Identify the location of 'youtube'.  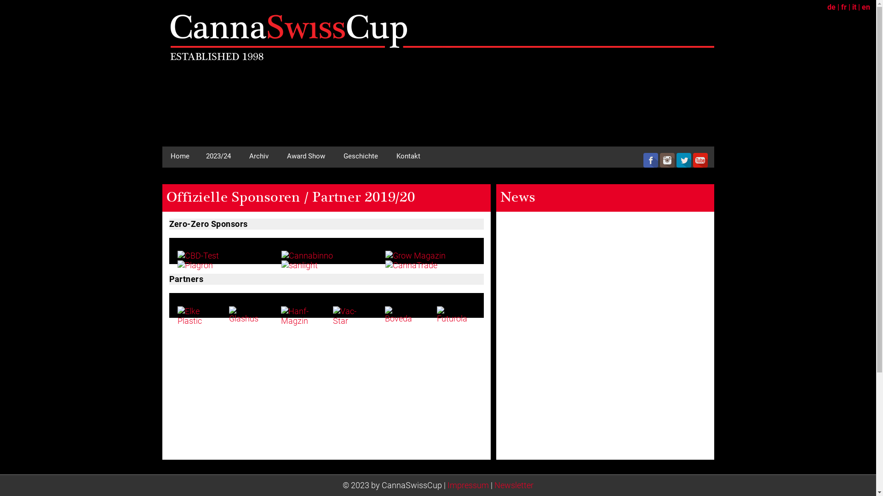
(693, 159).